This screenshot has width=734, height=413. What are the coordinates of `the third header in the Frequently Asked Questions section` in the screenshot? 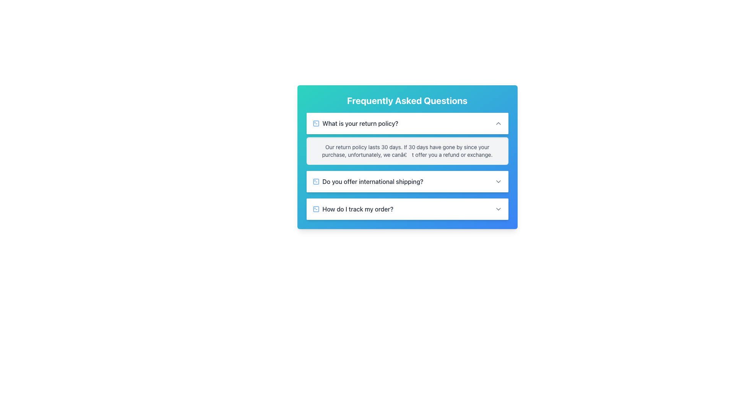 It's located at (357, 209).